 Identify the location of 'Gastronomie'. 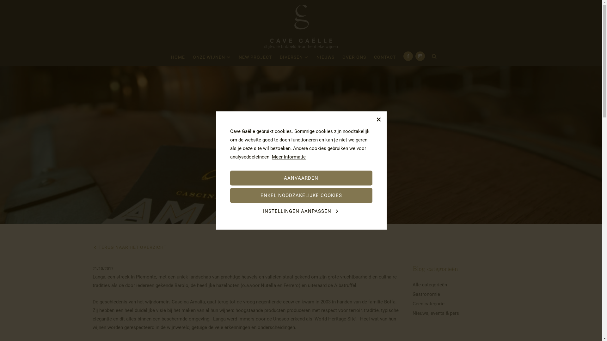
(461, 294).